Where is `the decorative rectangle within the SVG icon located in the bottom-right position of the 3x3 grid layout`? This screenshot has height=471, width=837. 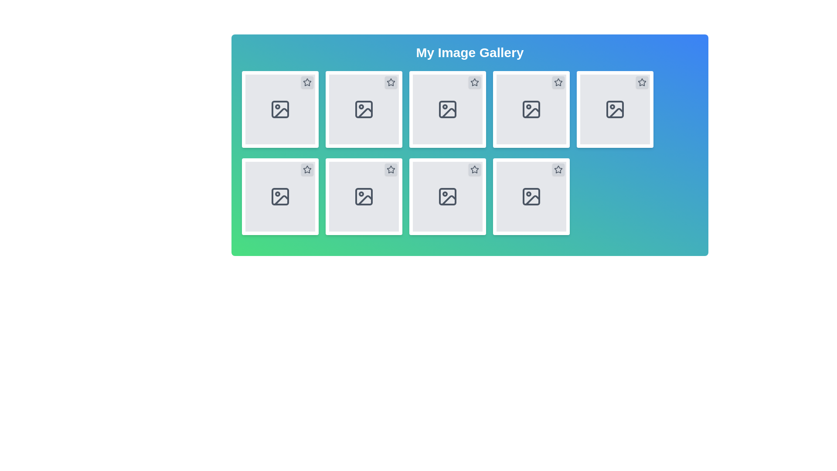
the decorative rectangle within the SVG icon located in the bottom-right position of the 3x3 grid layout is located at coordinates (531, 197).